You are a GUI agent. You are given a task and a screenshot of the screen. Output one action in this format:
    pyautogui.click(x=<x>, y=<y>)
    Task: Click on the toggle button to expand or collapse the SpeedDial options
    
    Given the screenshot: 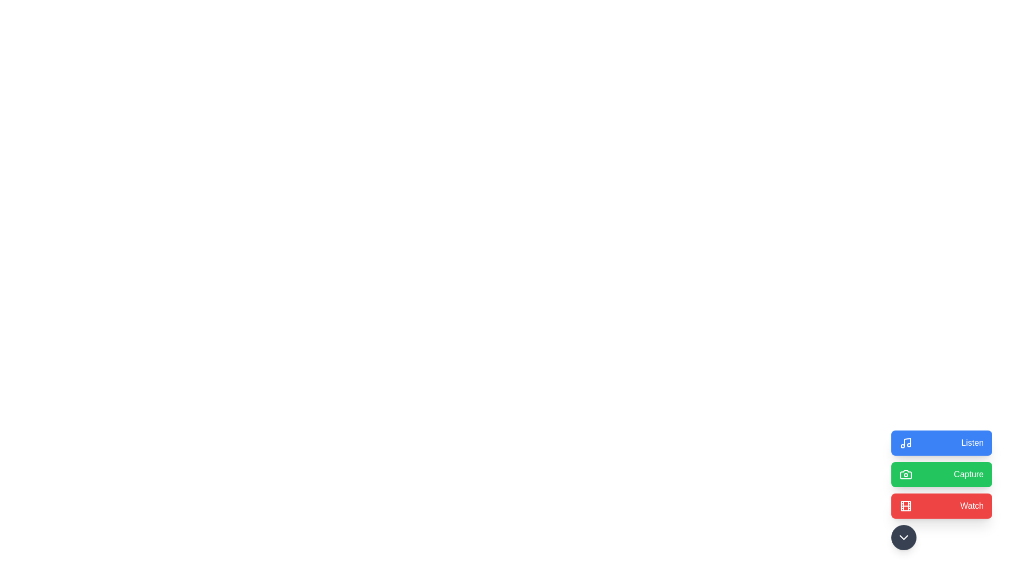 What is the action you would take?
    pyautogui.click(x=903, y=537)
    